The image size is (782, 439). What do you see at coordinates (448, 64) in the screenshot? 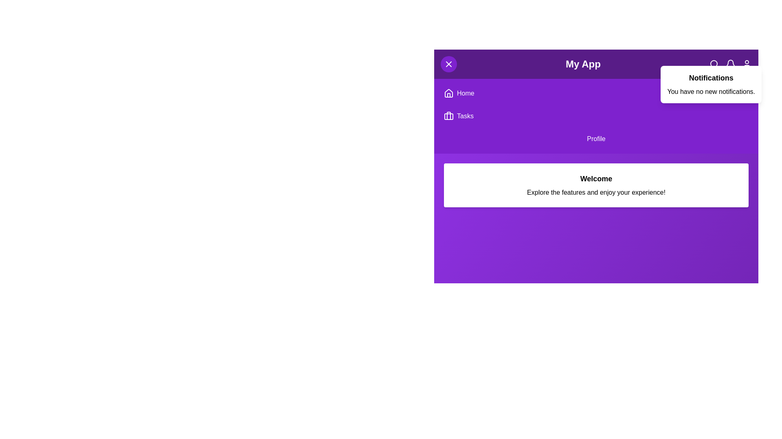
I see `the button to toggle the menu visibility` at bounding box center [448, 64].